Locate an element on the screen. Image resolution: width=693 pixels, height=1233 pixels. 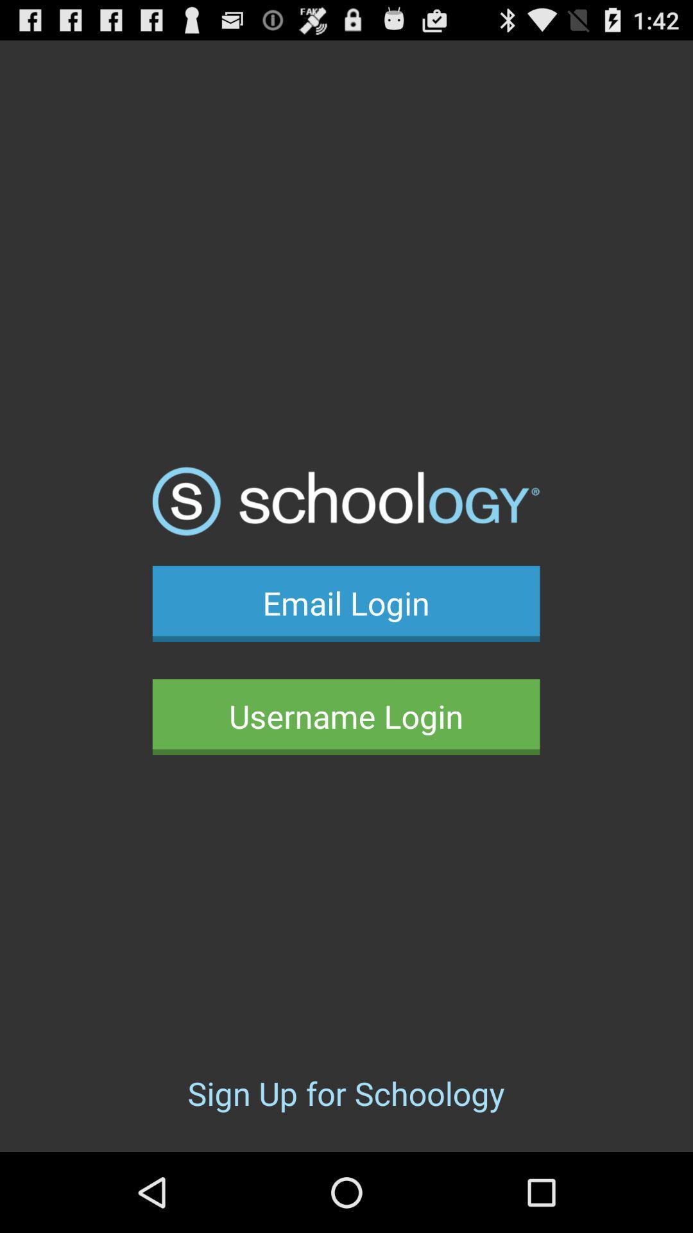
item above username login is located at coordinates (345, 603).